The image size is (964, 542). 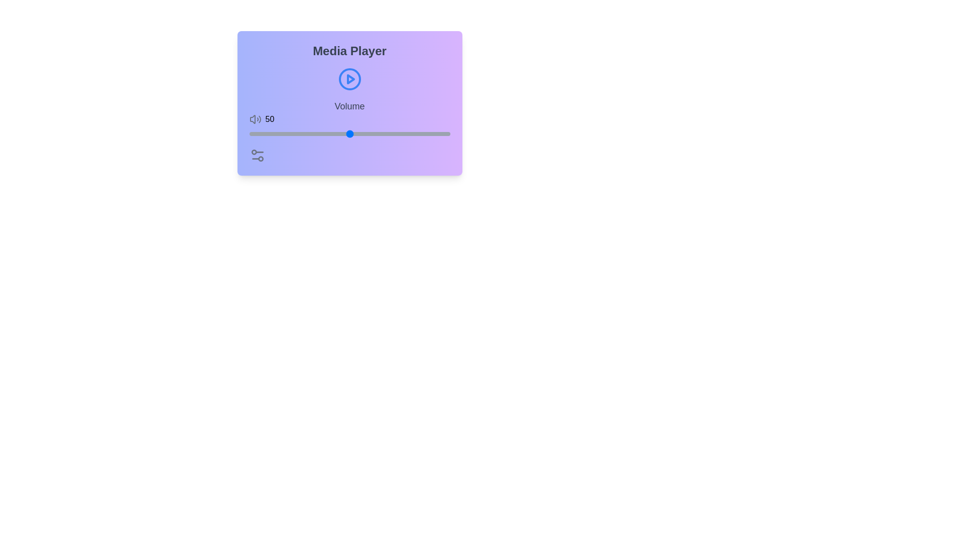 I want to click on the settings gear button located in the bottom-left corner of the media player card, so click(x=257, y=155).